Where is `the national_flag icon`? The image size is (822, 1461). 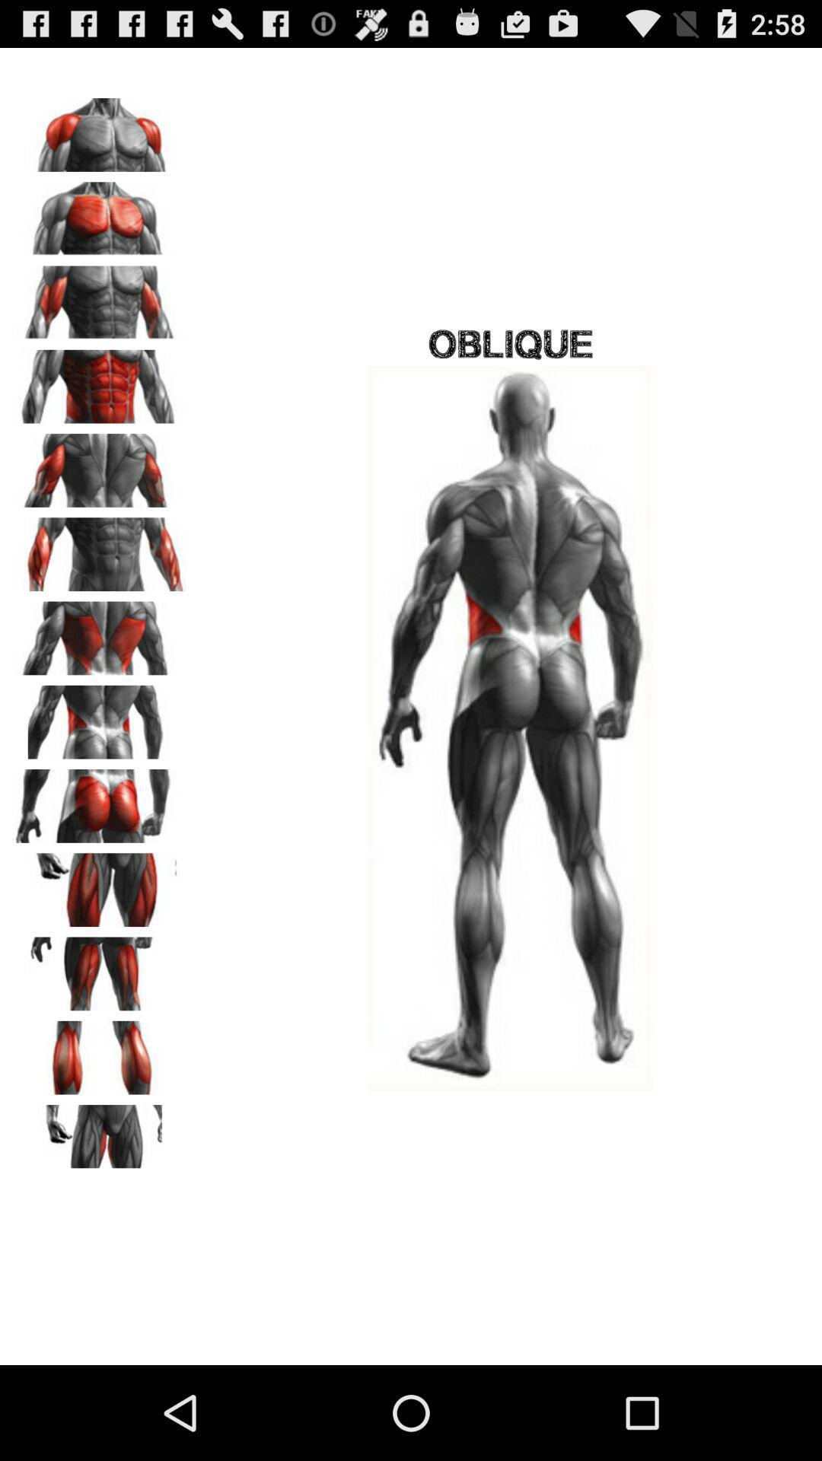
the national_flag icon is located at coordinates (100, 1215).